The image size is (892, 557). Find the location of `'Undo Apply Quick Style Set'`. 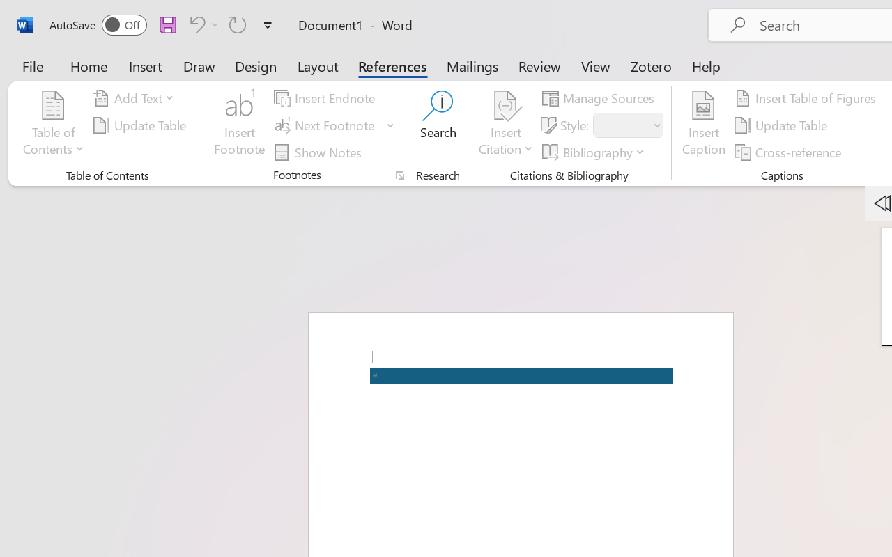

'Undo Apply Quick Style Set' is located at coordinates (201, 24).